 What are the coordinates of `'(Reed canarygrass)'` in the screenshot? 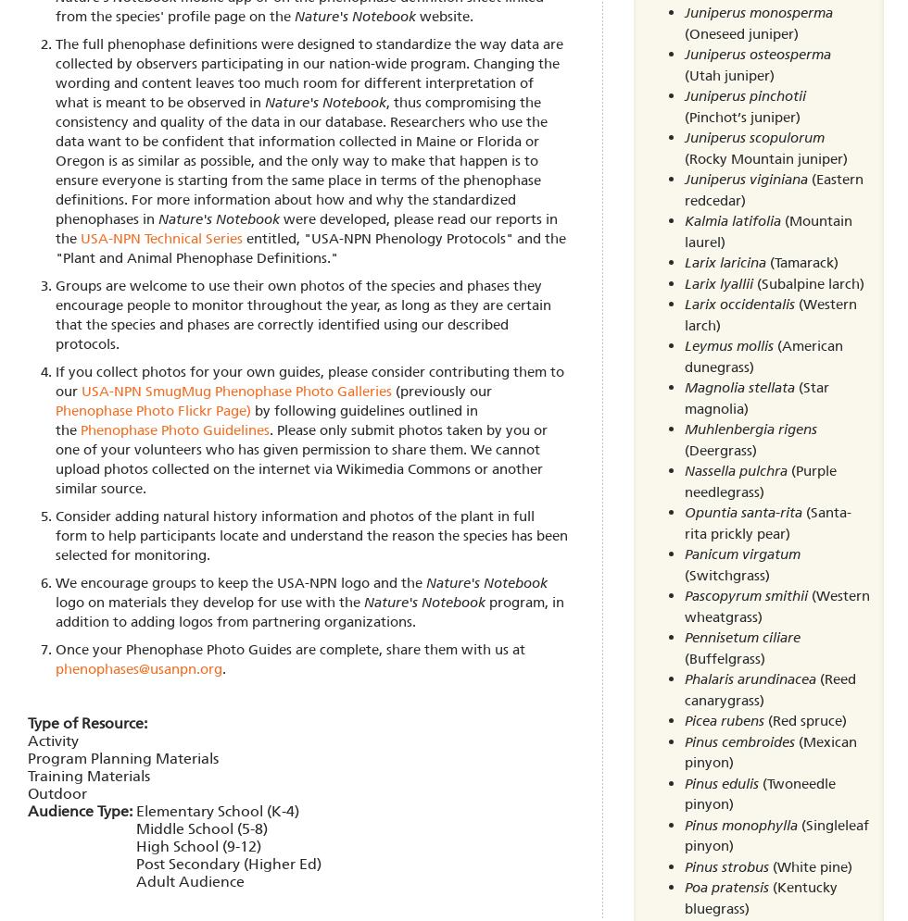 It's located at (769, 688).